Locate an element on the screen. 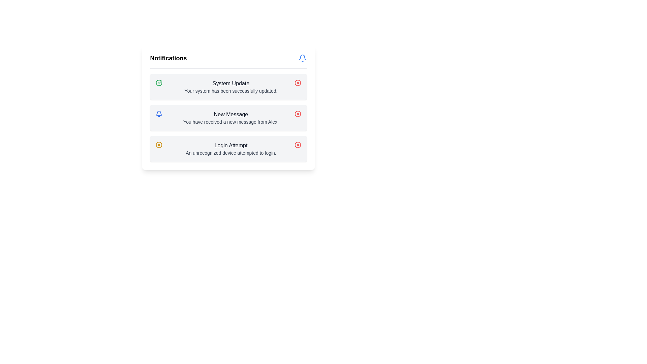  the Notification item element that displays 'New Message' and 'You have received a new message from Alex.' is located at coordinates (231, 118).